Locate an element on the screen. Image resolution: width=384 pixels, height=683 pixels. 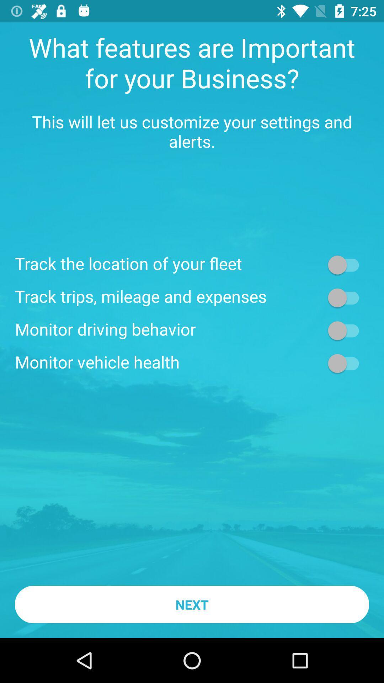
turn on/off track location is located at coordinates (346, 264).